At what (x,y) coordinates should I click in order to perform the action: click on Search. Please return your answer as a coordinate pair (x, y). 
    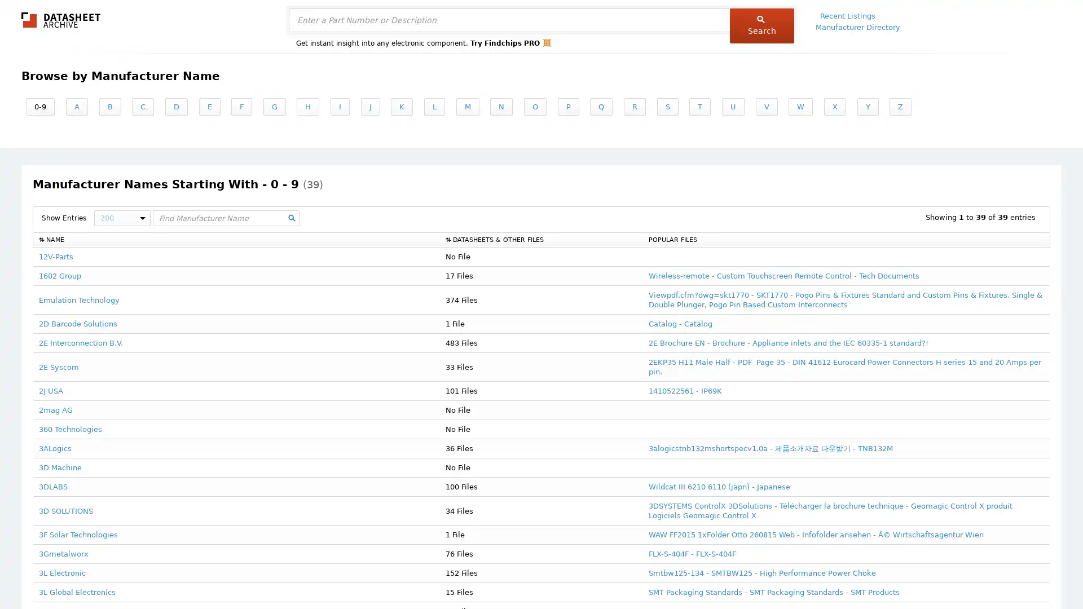
    Looking at the image, I should click on (761, 25).